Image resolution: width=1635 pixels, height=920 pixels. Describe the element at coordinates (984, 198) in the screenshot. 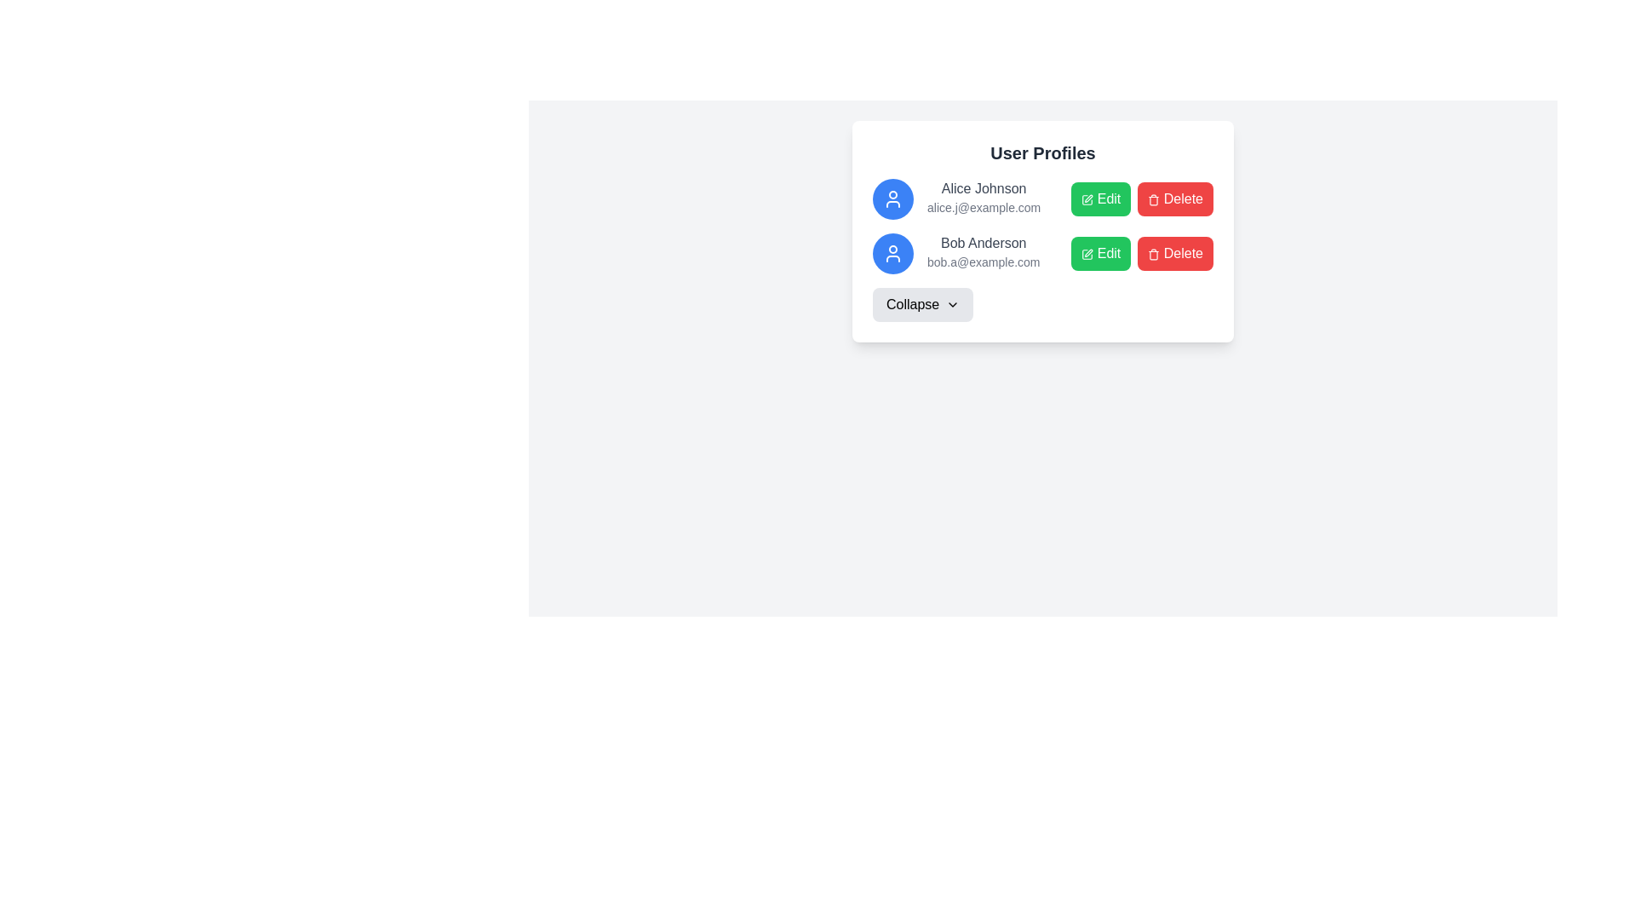

I see `the user profile text block containing 'Alice Johnson' and 'alice.j@example.com'` at that location.